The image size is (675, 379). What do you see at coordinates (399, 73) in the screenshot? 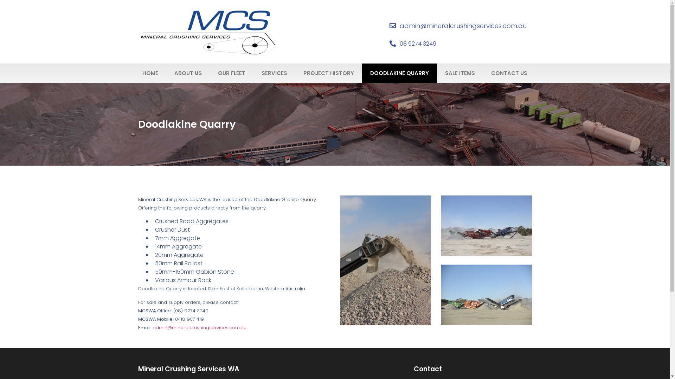
I see `'DOODLAKINE QUARRY'` at bounding box center [399, 73].